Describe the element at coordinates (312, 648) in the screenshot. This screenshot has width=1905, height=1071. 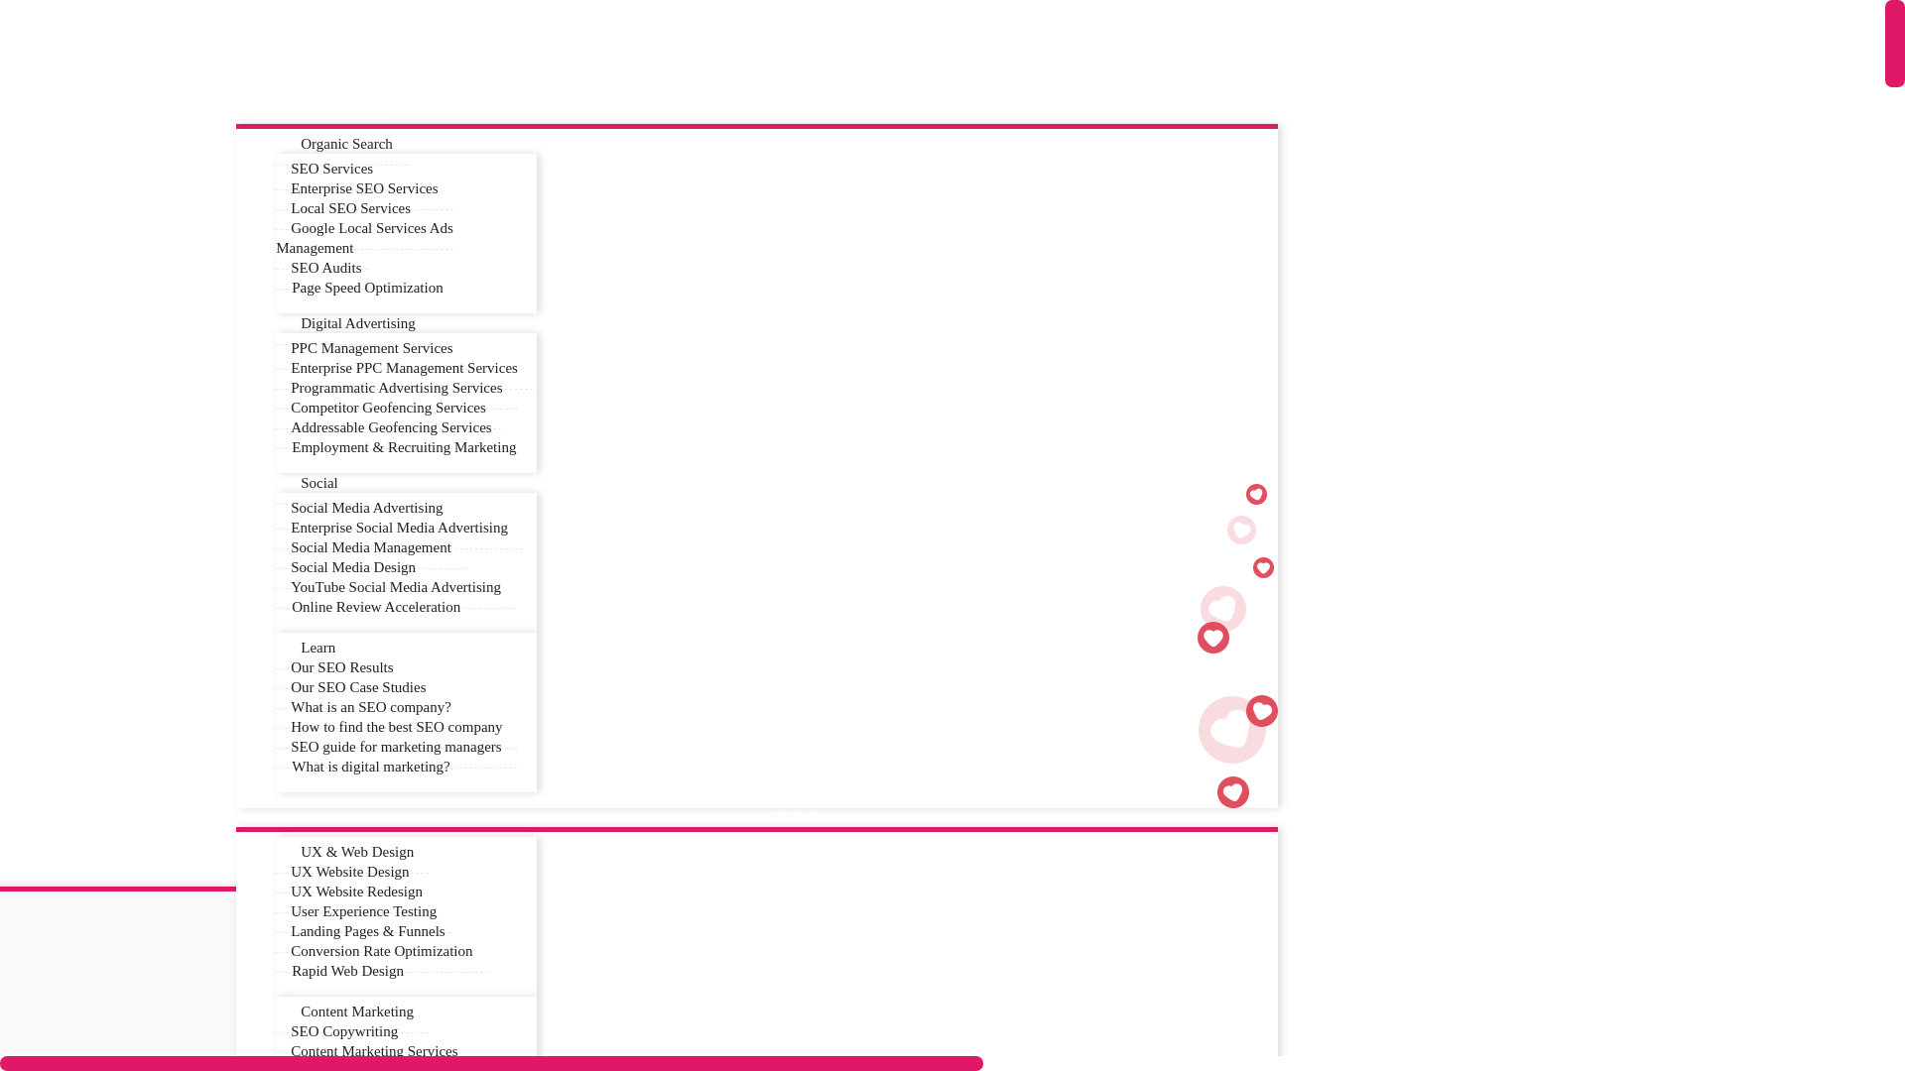
I see `'Learn'` at that location.